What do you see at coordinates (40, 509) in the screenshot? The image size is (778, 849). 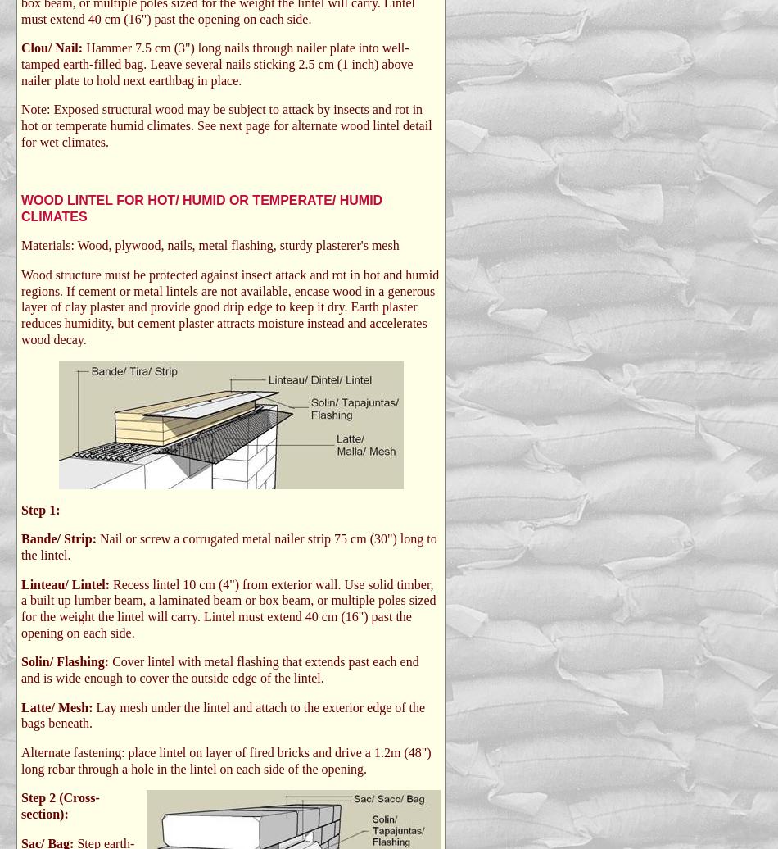 I see `'Step 1:'` at bounding box center [40, 509].